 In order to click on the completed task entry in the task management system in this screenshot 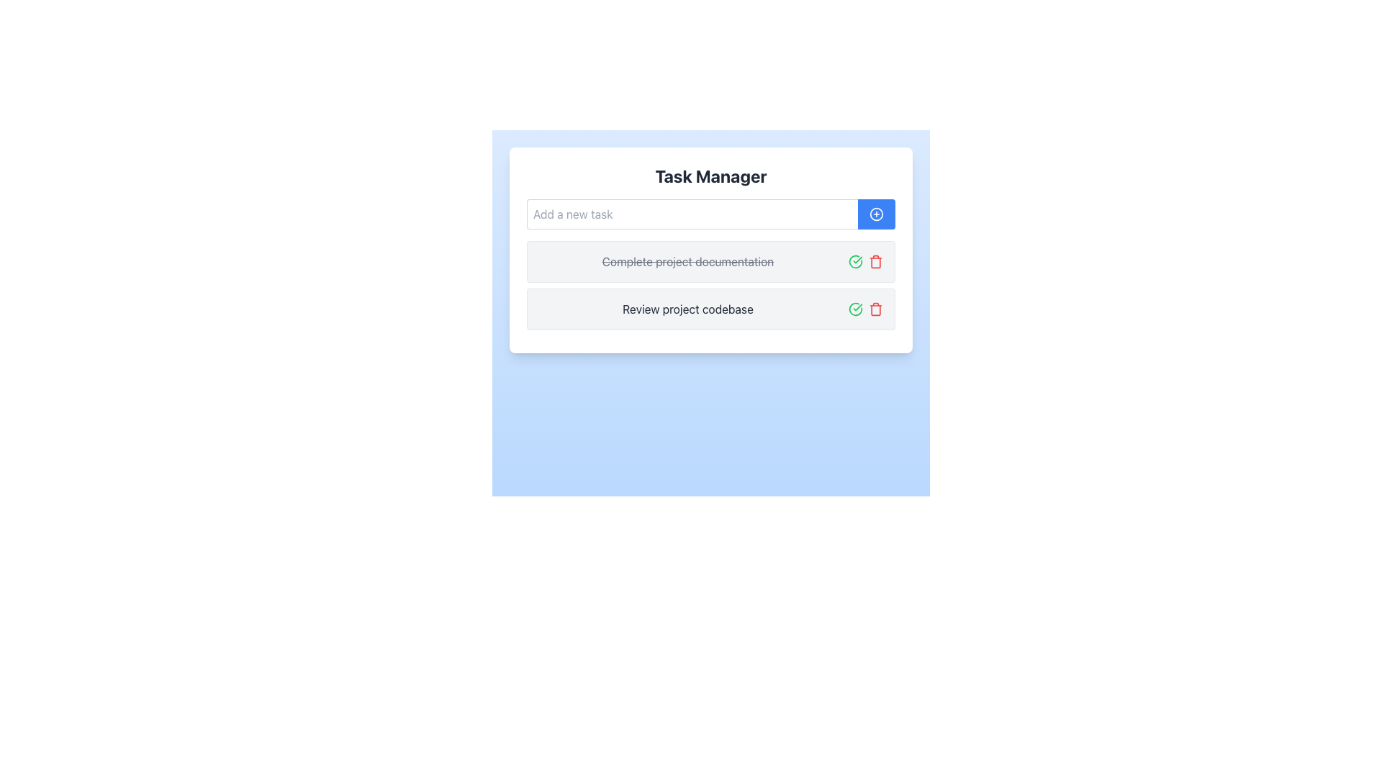, I will do `click(711, 249)`.